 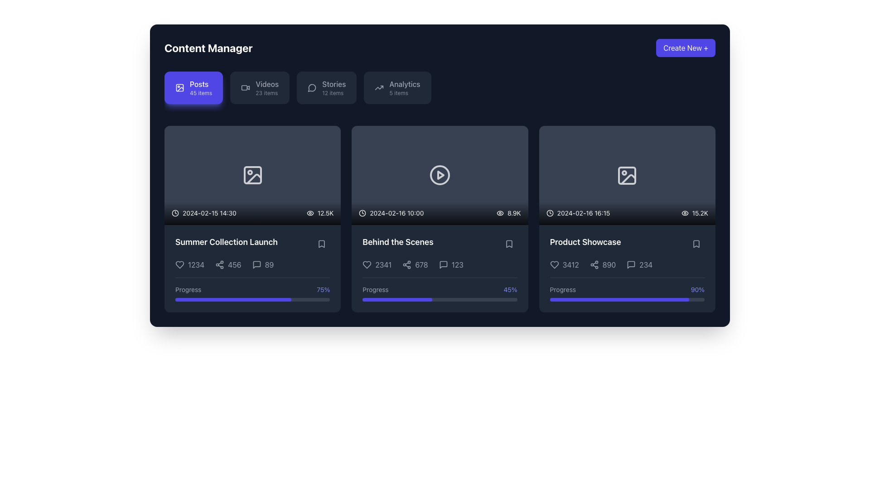 I want to click on the heart-shaped icon representing the like or favorite feature within the 'Summer Collection Launch' card, so click(x=180, y=264).